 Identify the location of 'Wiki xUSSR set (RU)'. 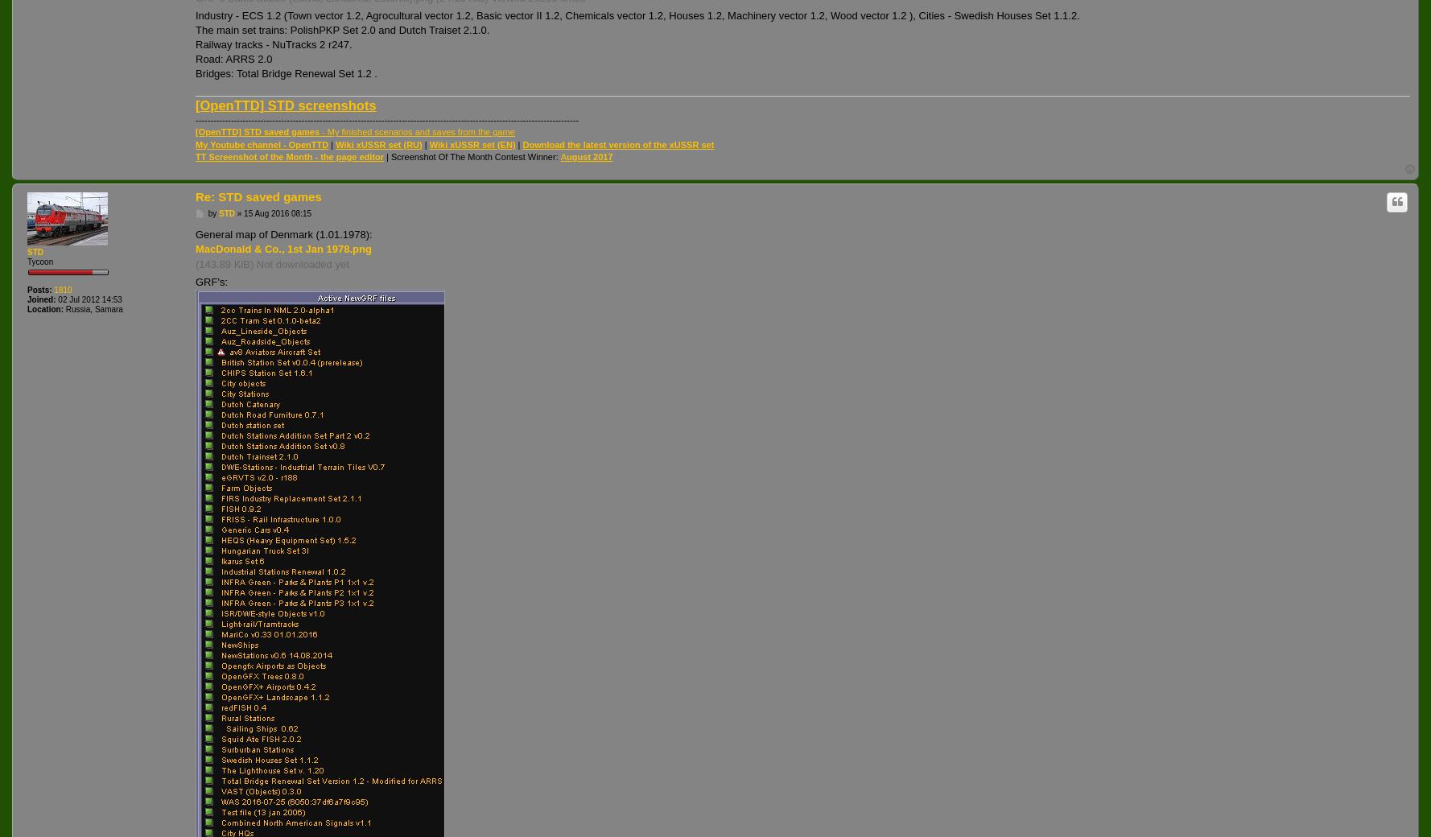
(335, 143).